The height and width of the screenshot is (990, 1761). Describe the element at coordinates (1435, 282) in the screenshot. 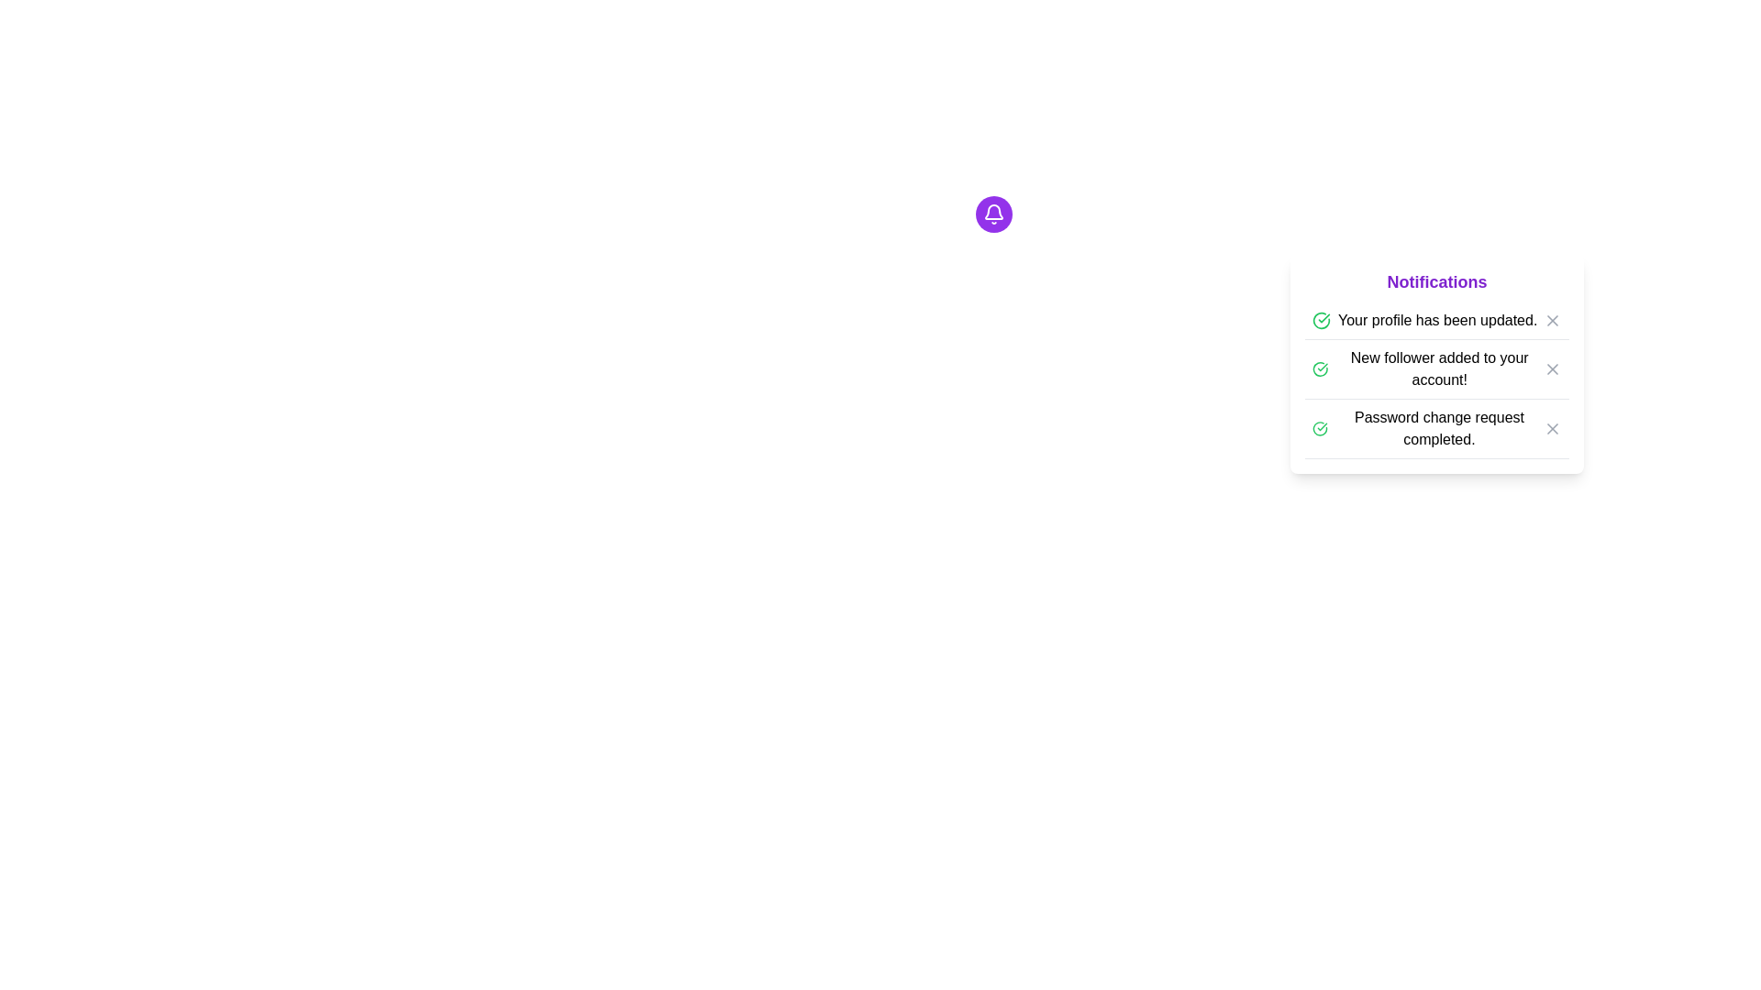

I see `text from the 'Notifications' text label, which is styled in a bold and large purple font and serves as the section header in the notification panel` at that location.